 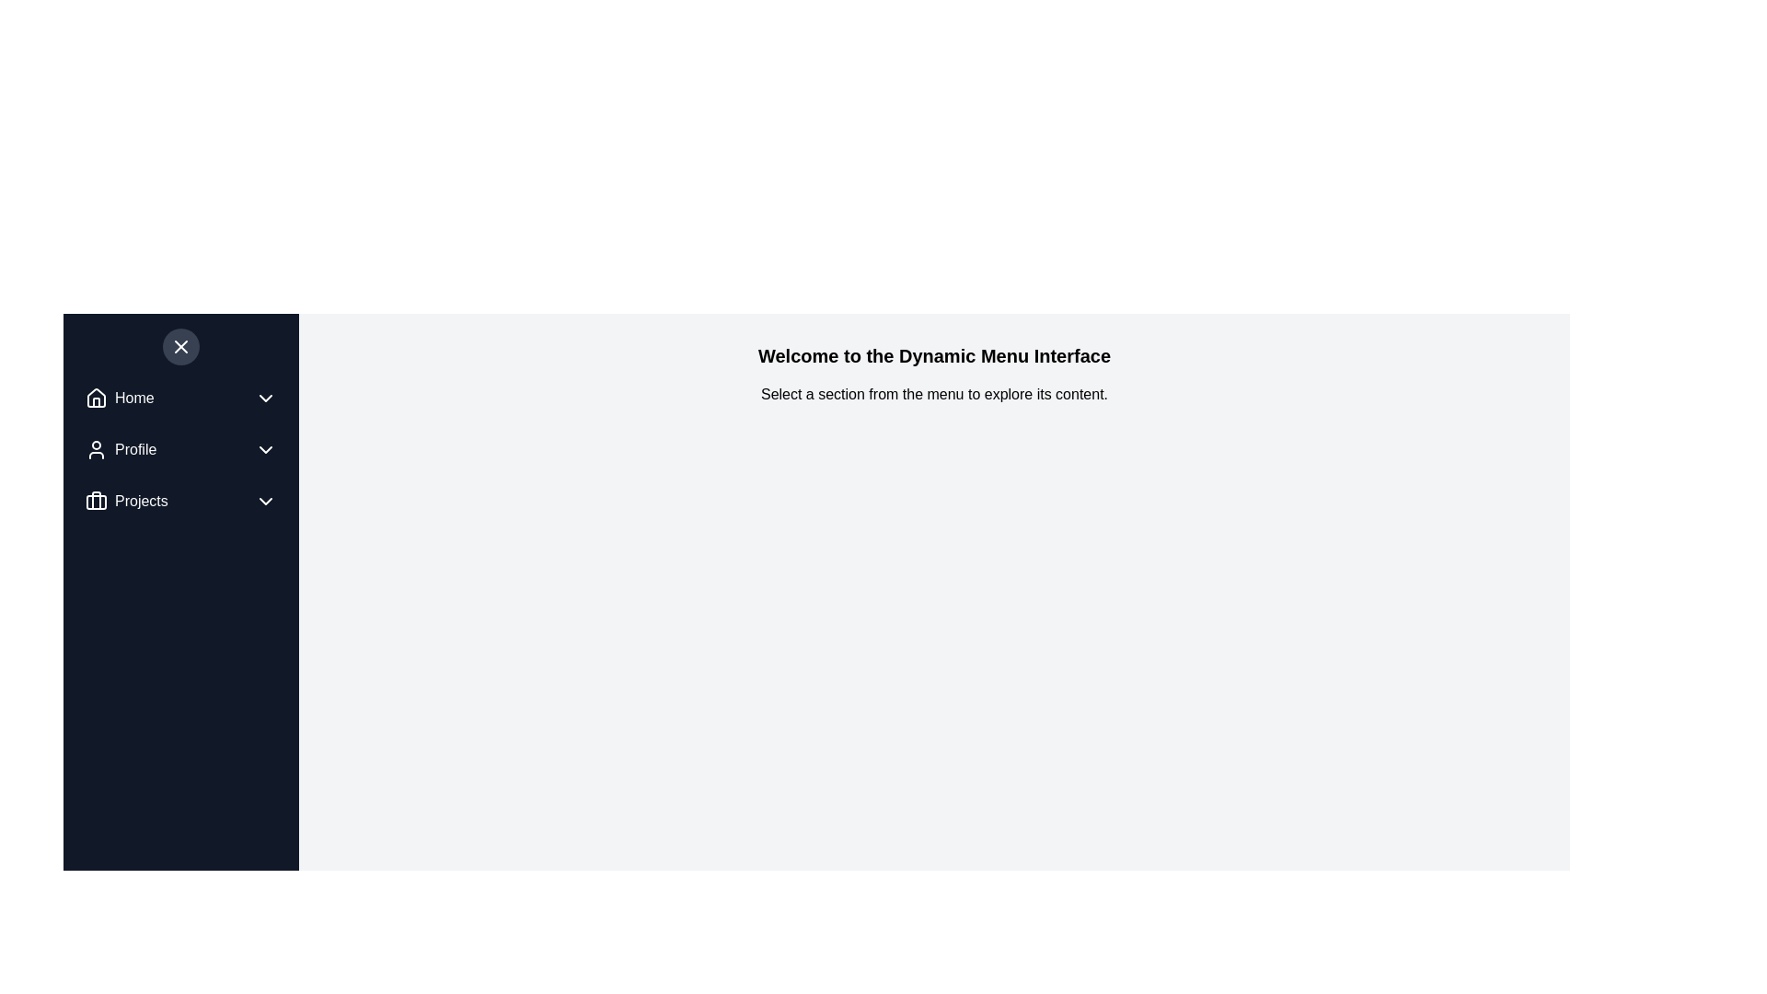 What do you see at coordinates (180, 501) in the screenshot?
I see `the 'Projects' menu item in the sidebar` at bounding box center [180, 501].